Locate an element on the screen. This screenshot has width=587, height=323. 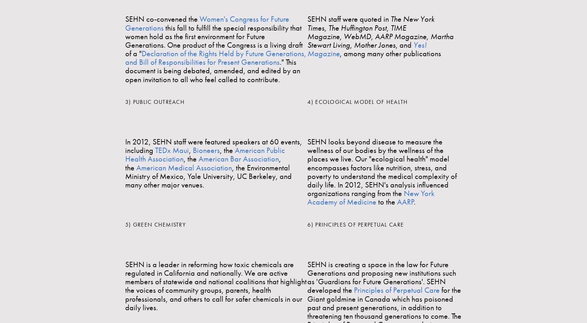
'TIME Magazine' is located at coordinates (307, 31).